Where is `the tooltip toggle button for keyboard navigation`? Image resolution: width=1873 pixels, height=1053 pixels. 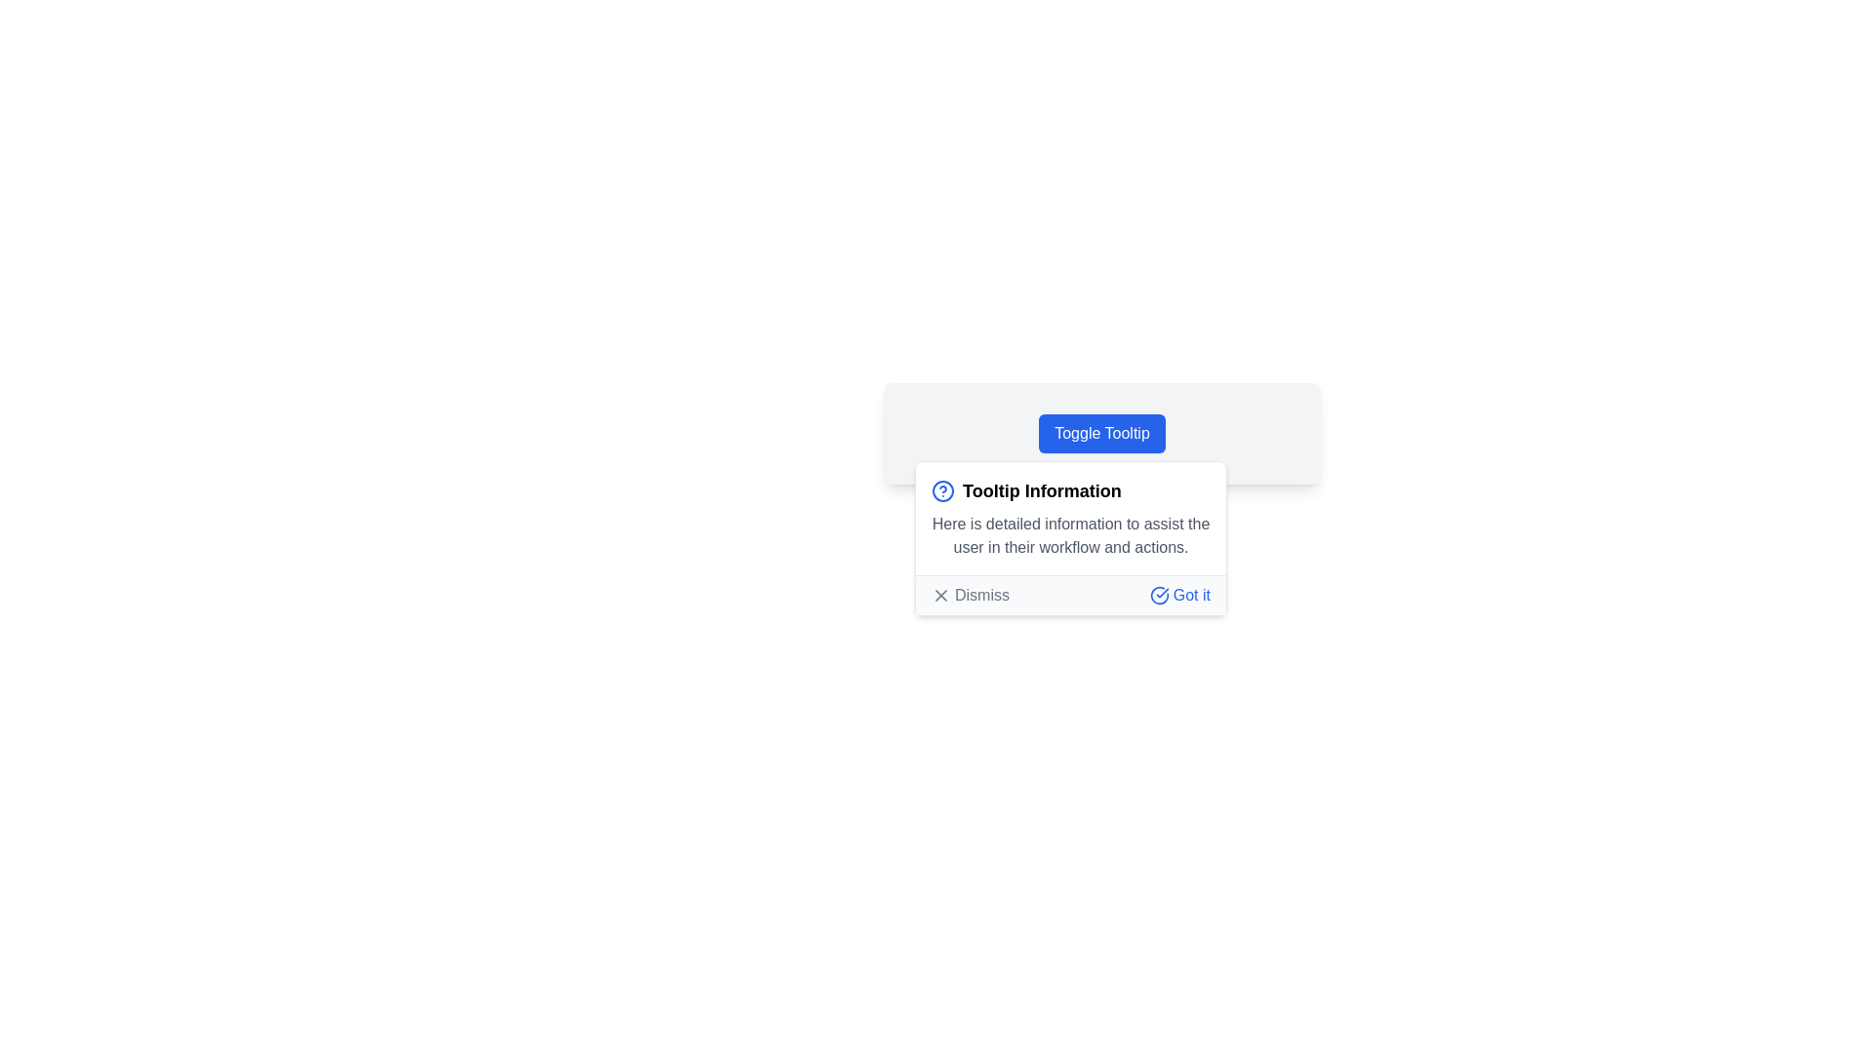 the tooltip toggle button for keyboard navigation is located at coordinates (1101, 432).